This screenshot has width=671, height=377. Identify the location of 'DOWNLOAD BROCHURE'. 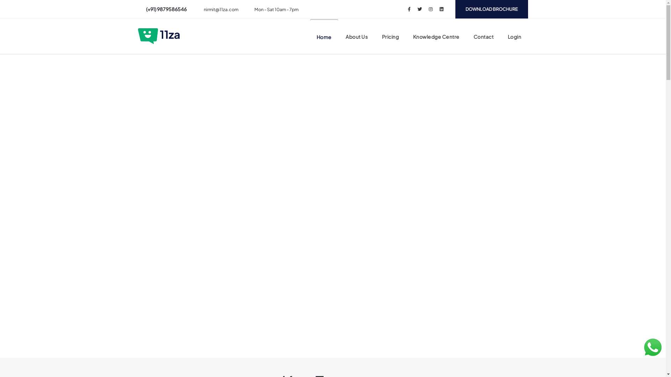
(491, 9).